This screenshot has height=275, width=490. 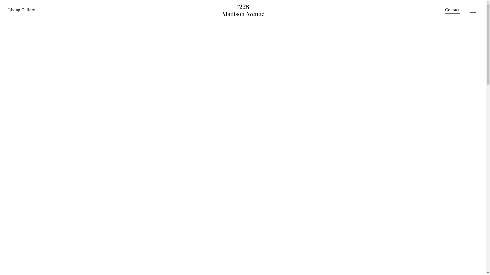 What do you see at coordinates (452, 10) in the screenshot?
I see `'Contact'` at bounding box center [452, 10].